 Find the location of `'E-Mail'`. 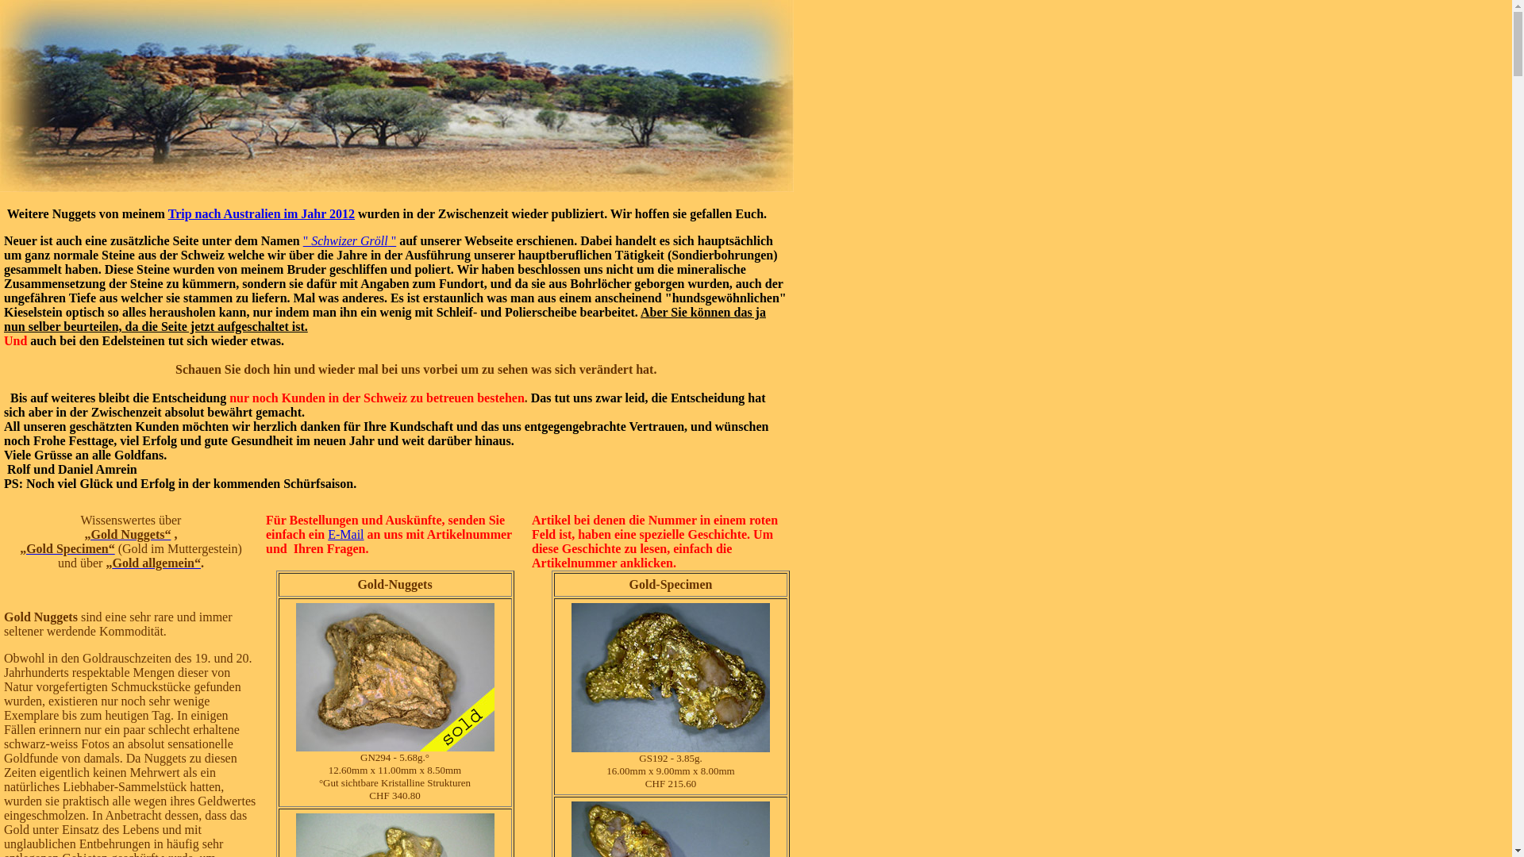

'E-Mail' is located at coordinates (326, 534).